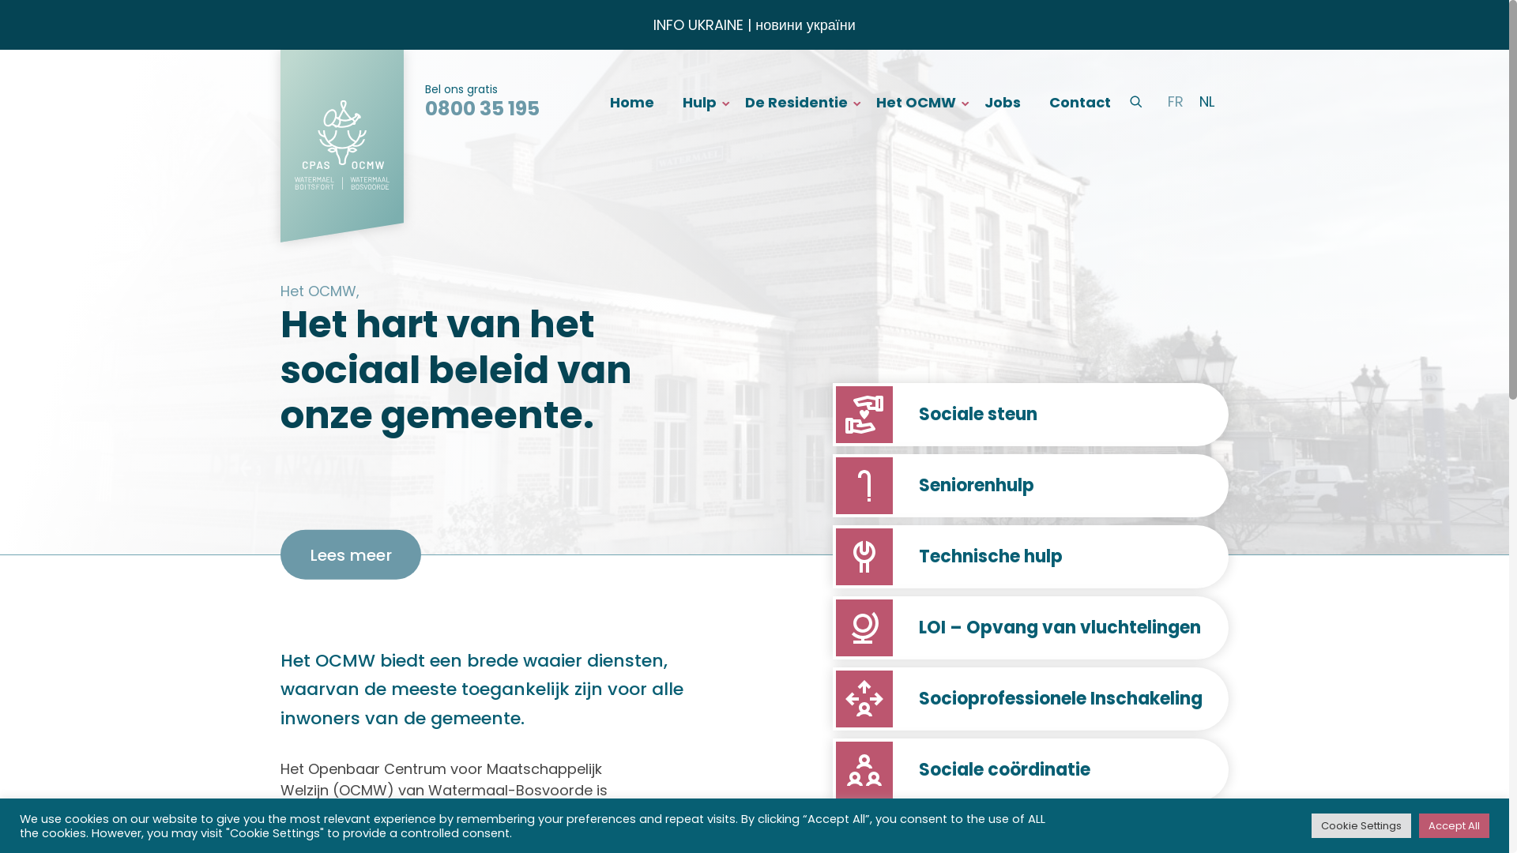 This screenshot has height=853, width=1517. Describe the element at coordinates (1079, 101) in the screenshot. I see `'Contact'` at that location.